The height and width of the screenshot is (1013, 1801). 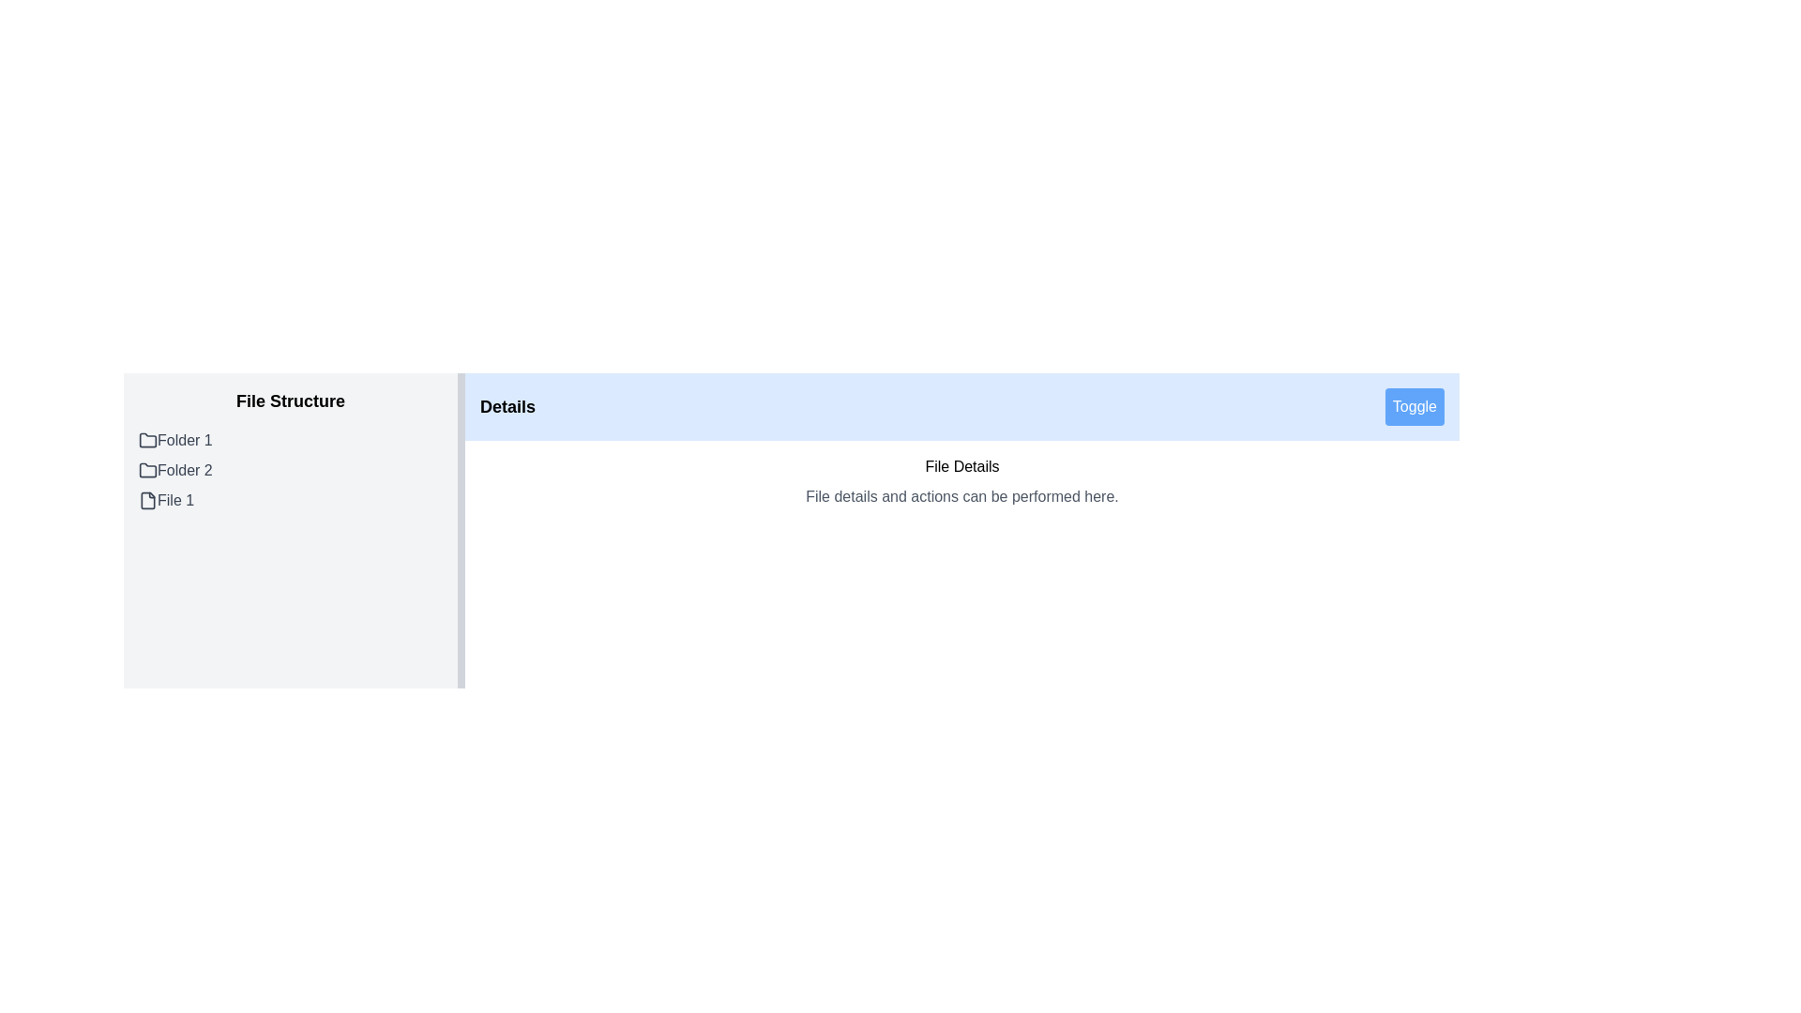 What do you see at coordinates (962, 495) in the screenshot?
I see `the text label reading 'File details and actions can be performed here.' which is located below the 'File Details' heading in the 'Details' section` at bounding box center [962, 495].